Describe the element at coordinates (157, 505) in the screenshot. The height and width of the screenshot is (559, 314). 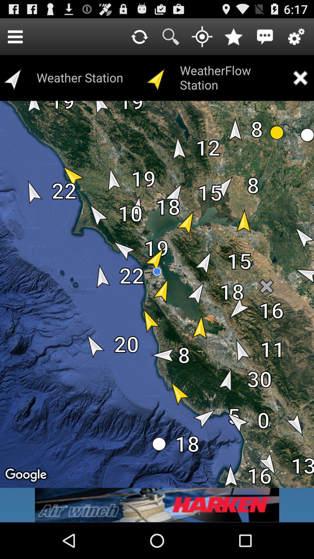
I see `visit the advertiser 's website` at that location.